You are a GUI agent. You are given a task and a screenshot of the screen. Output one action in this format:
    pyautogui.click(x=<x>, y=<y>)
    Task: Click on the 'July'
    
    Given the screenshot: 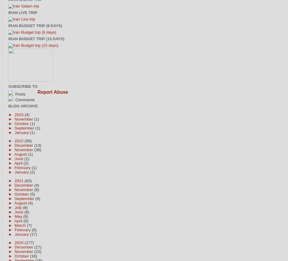 What is the action you would take?
    pyautogui.click(x=18, y=207)
    